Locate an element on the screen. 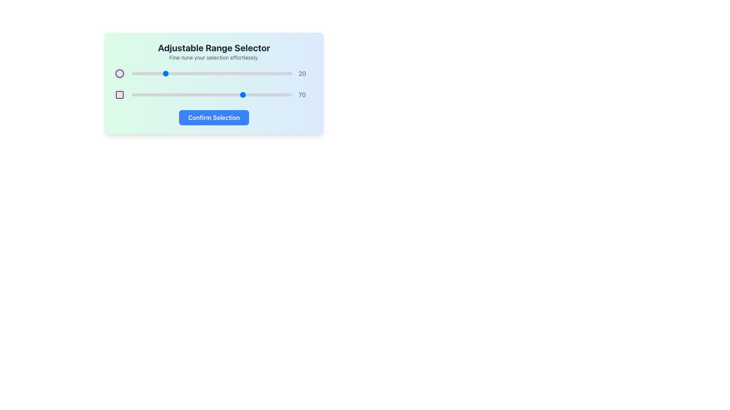 The height and width of the screenshot is (410, 730). the slider value is located at coordinates (289, 95).